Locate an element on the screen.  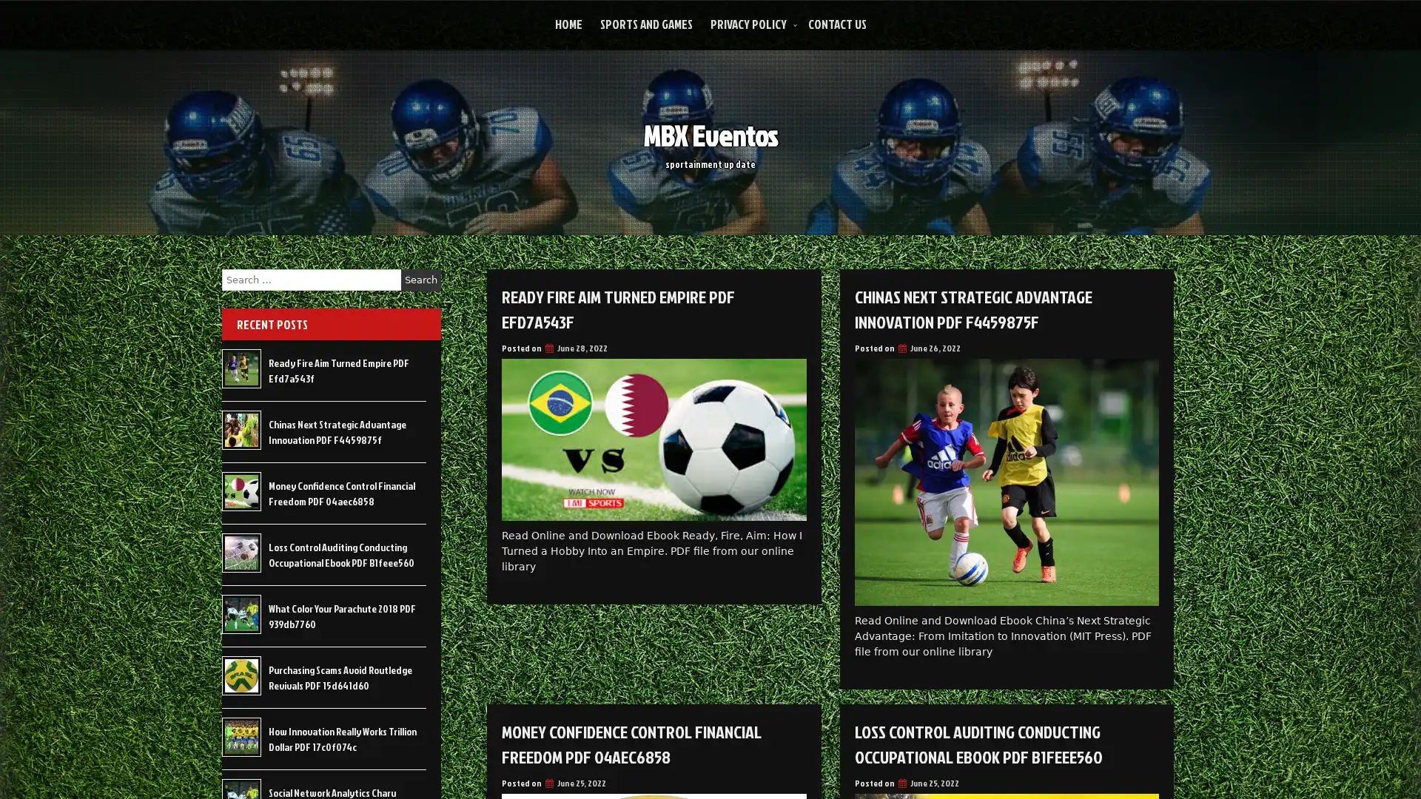
Search is located at coordinates (420, 280).